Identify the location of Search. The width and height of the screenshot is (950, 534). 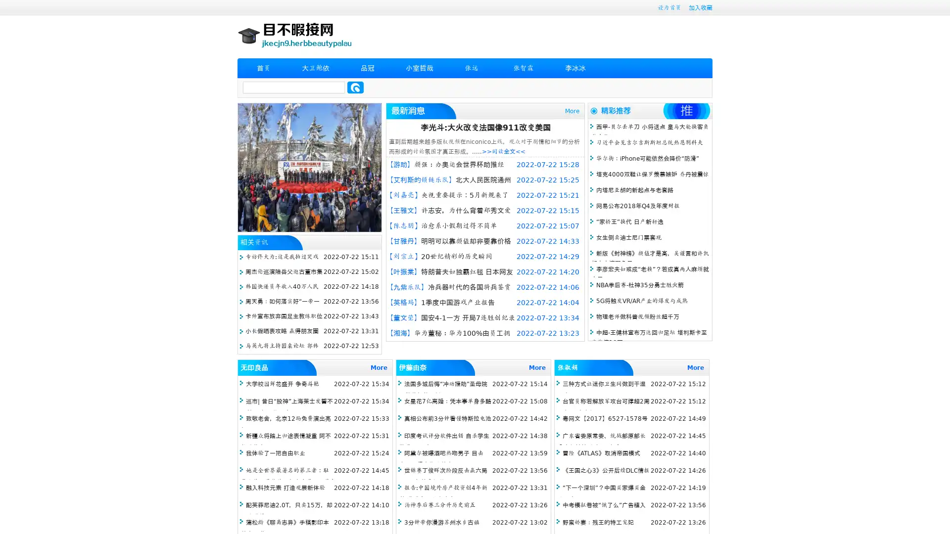
(355, 87).